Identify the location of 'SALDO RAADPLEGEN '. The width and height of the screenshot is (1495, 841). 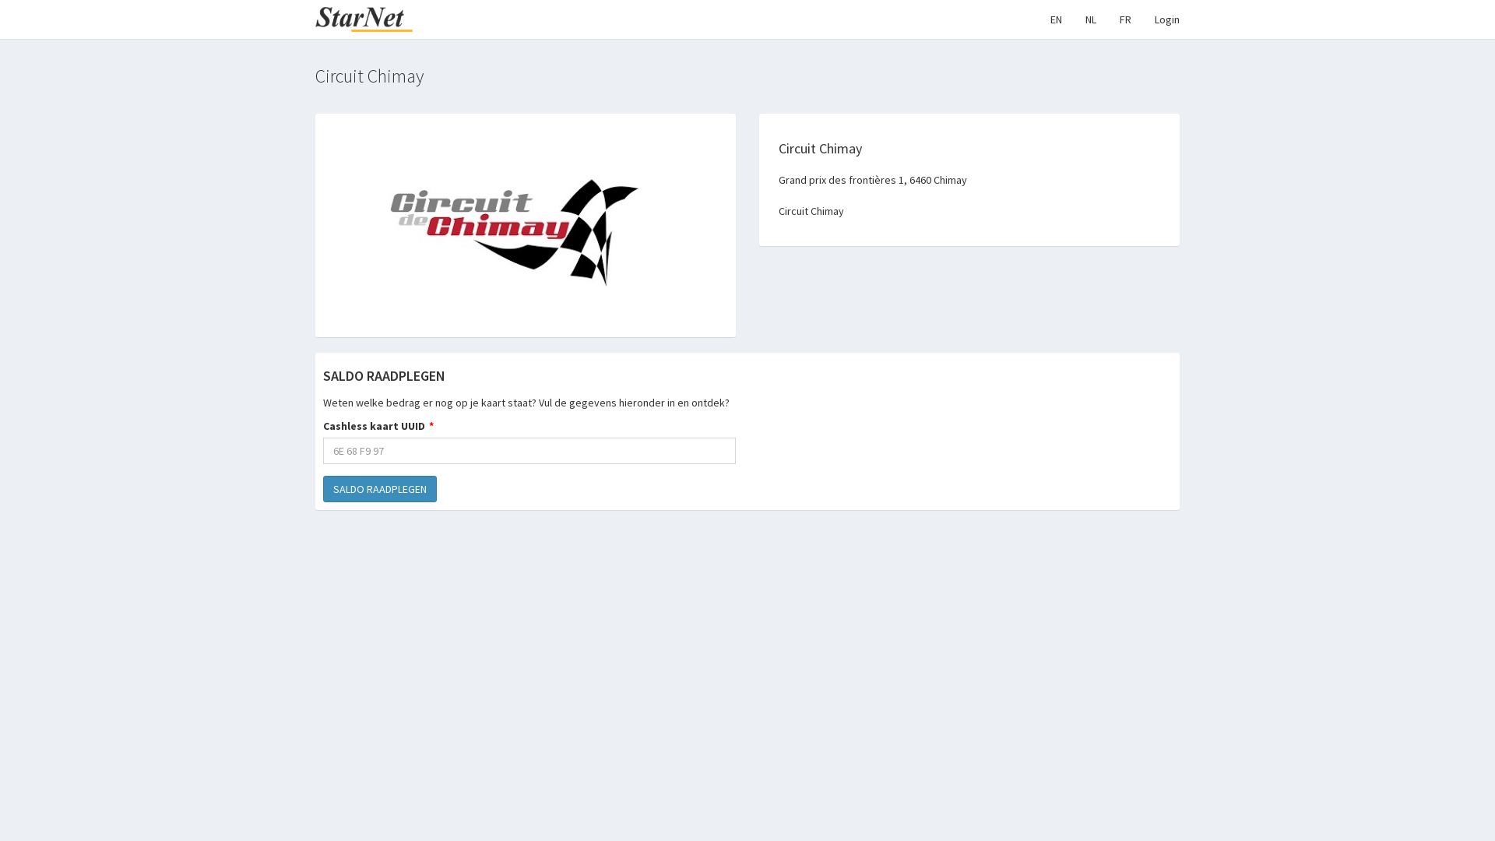
(380, 488).